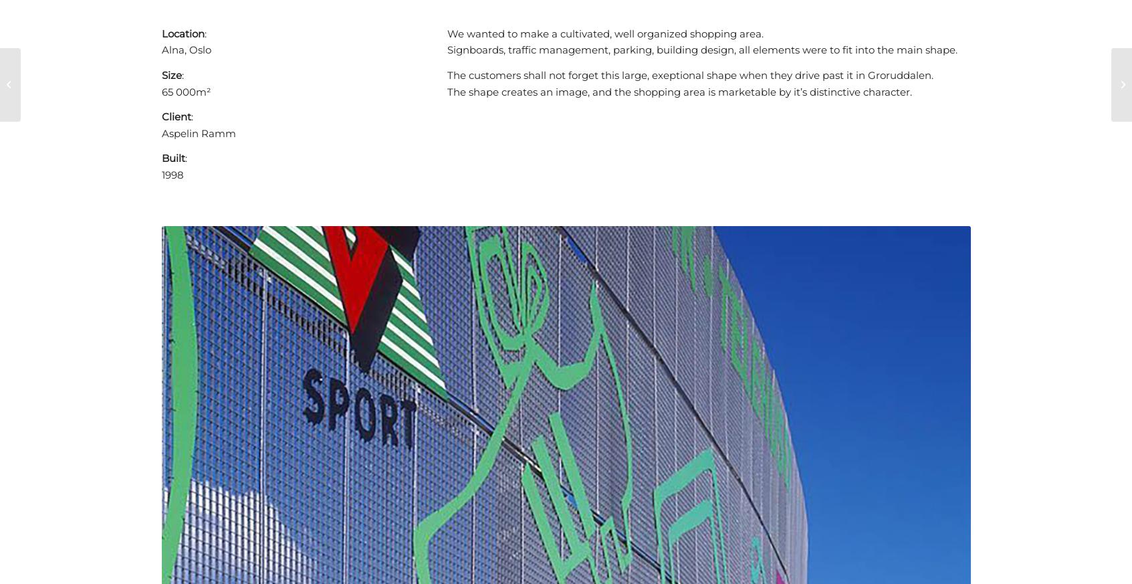 This screenshot has width=1132, height=584. Describe the element at coordinates (197, 132) in the screenshot. I see `'Aspelin Ramm'` at that location.